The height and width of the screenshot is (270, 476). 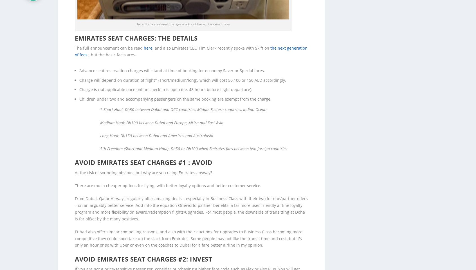 I want to click on 'The full announcement can be read', so click(x=109, y=39).